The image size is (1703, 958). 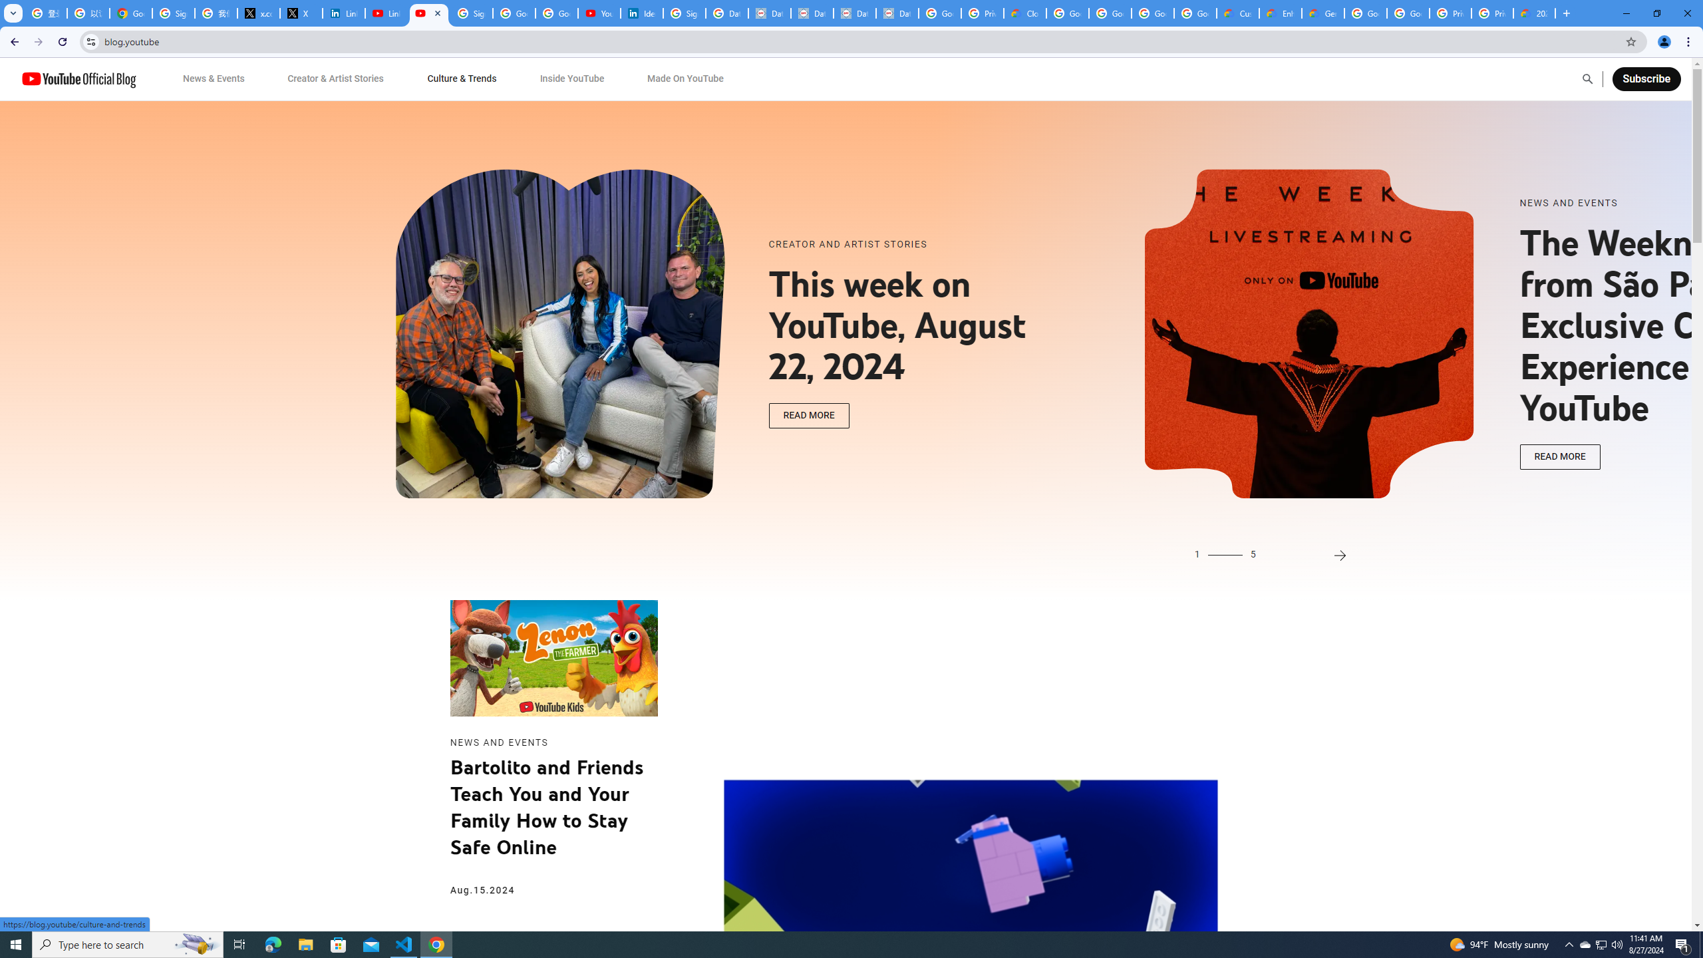 What do you see at coordinates (1323, 13) in the screenshot?
I see `'Gemini for Business and Developers | Google Cloud'` at bounding box center [1323, 13].